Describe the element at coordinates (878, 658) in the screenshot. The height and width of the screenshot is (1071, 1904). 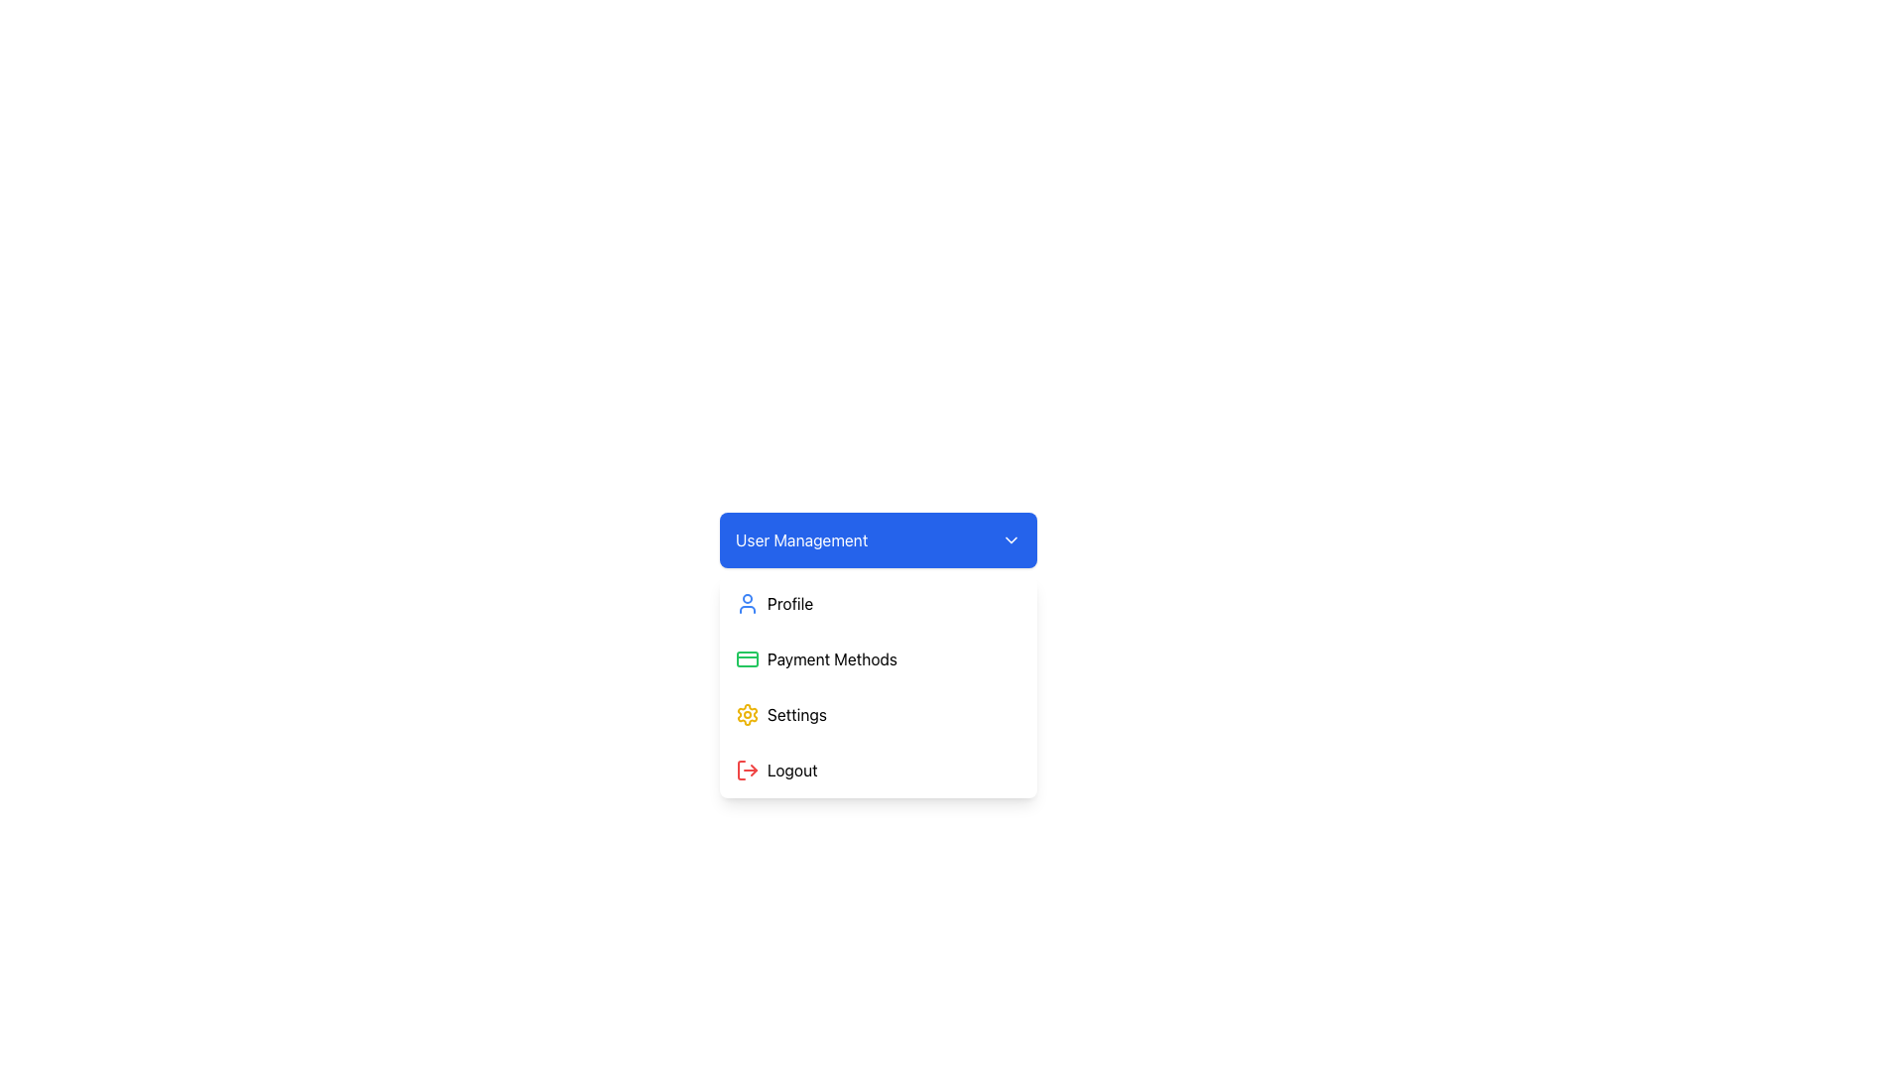
I see `the second menu item` at that location.